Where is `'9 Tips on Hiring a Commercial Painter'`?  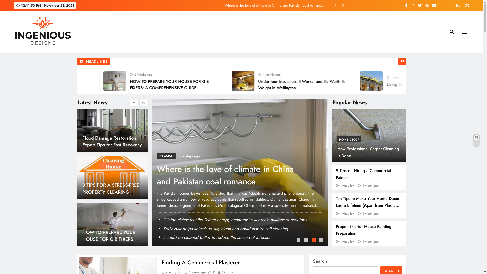 '9 Tips on Hiring a Commercial Painter' is located at coordinates (363, 174).